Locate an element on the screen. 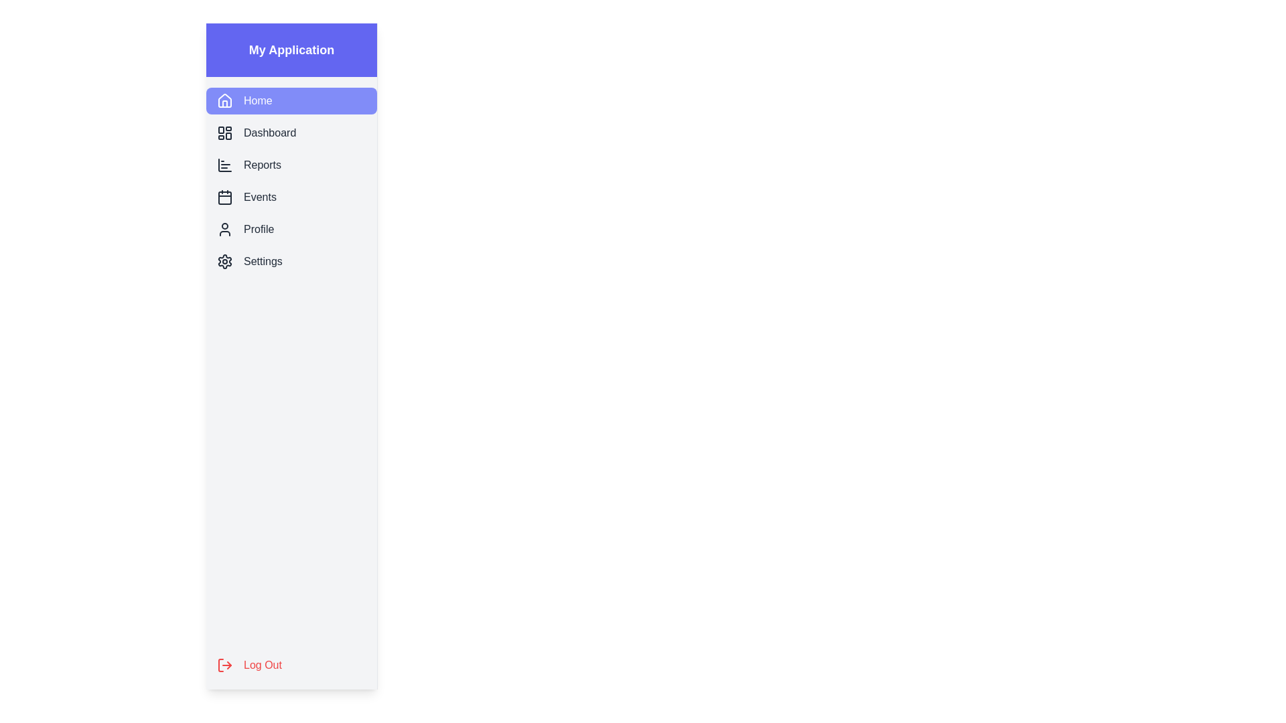  the 'Dashboard' menu icon located to the left of the text 'Dashboard' in the vertical navigation panel is located at coordinates (225, 133).